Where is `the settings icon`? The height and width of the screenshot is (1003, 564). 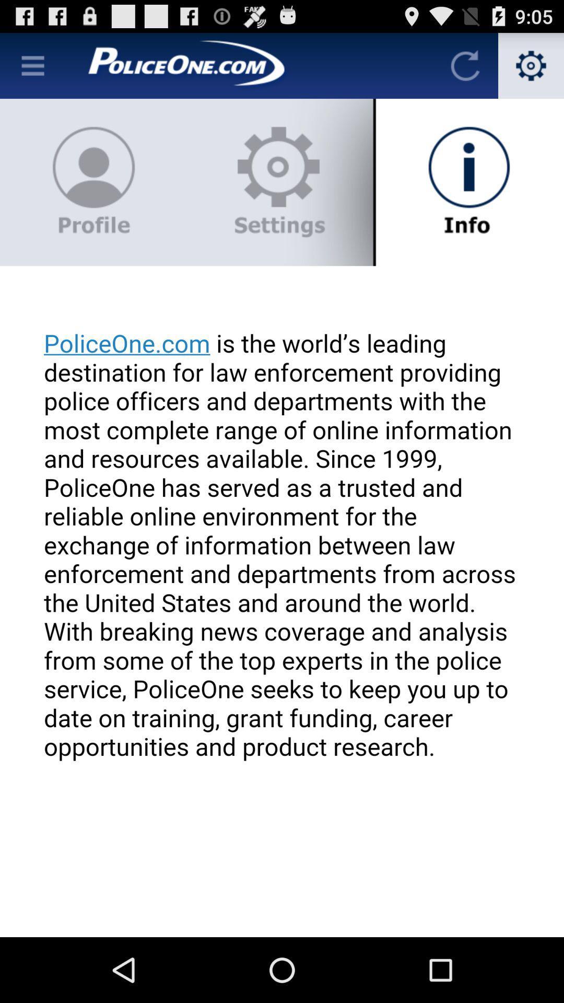 the settings icon is located at coordinates (531, 69).